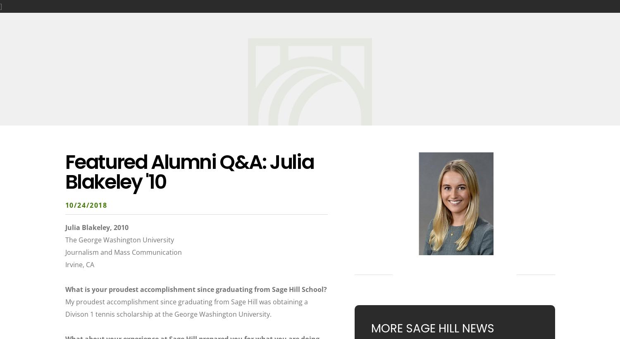 The image size is (620, 339). I want to click on 'Quicklinks', so click(537, 17).